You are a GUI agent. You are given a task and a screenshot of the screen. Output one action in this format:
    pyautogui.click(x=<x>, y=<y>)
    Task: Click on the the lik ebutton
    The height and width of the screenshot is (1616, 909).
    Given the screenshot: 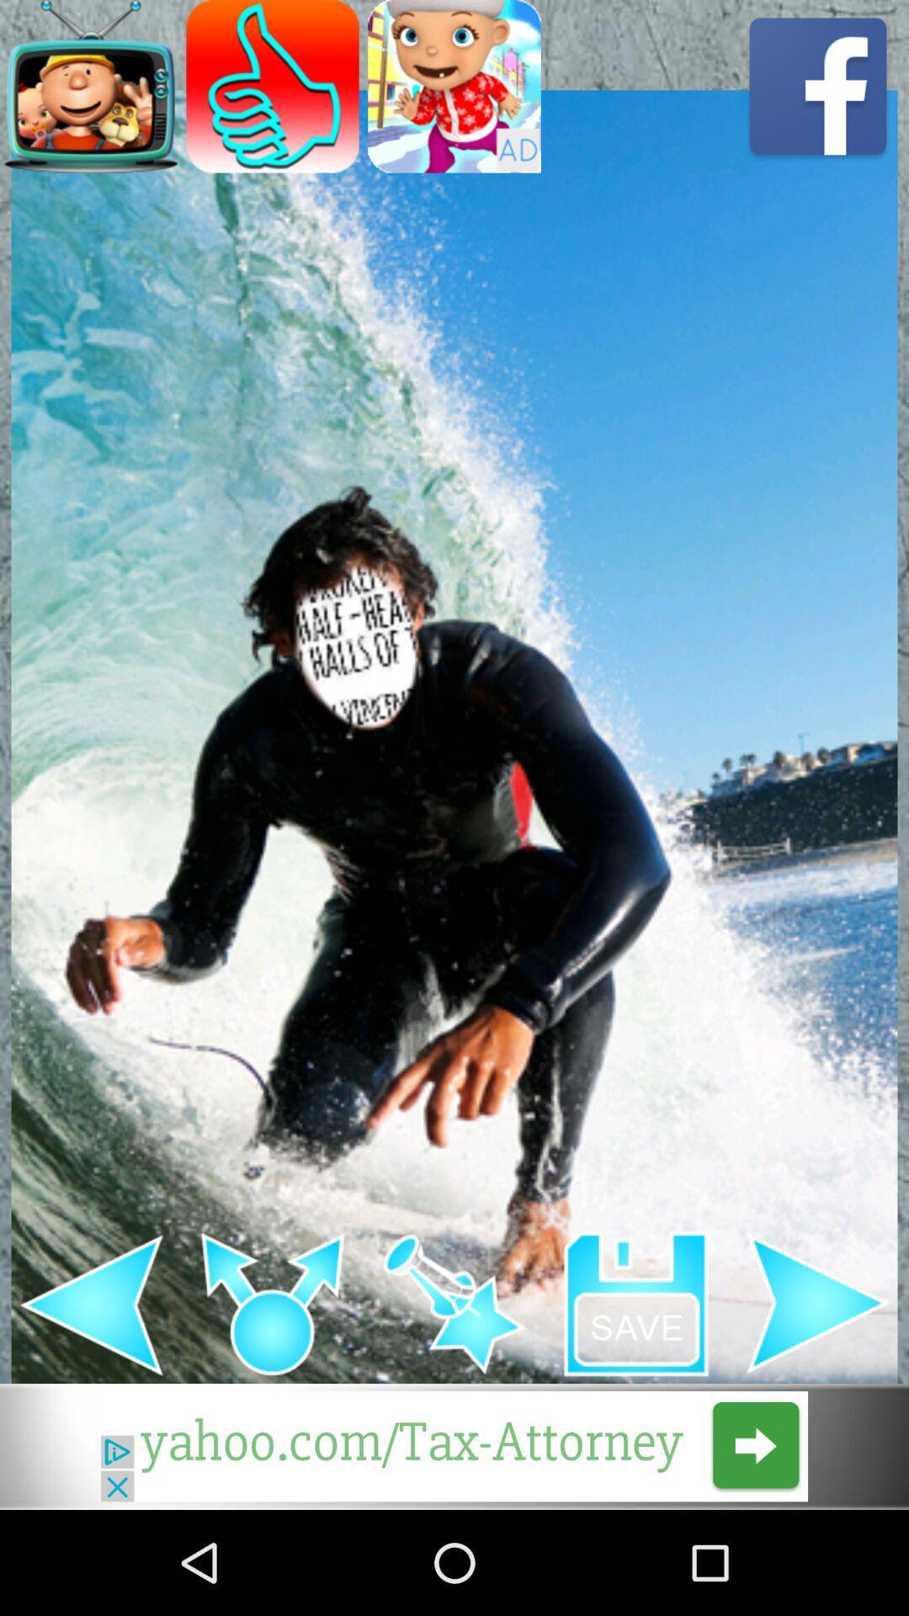 What is the action you would take?
    pyautogui.click(x=272, y=85)
    